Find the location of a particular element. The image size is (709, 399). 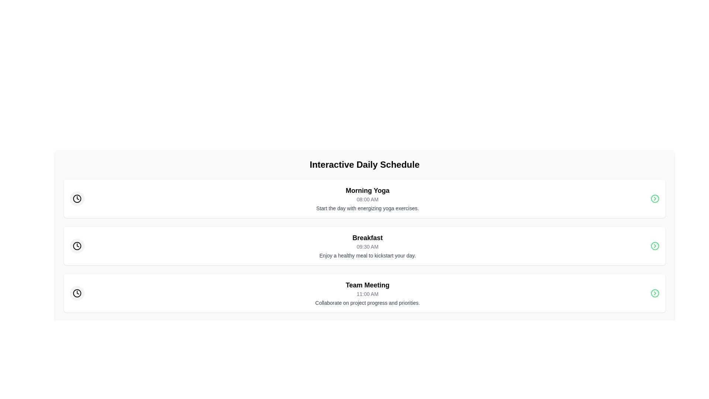

the circular graphic element within the icon set on the right side of the 'Breakfast' list item in the schedule interface is located at coordinates (655, 246).